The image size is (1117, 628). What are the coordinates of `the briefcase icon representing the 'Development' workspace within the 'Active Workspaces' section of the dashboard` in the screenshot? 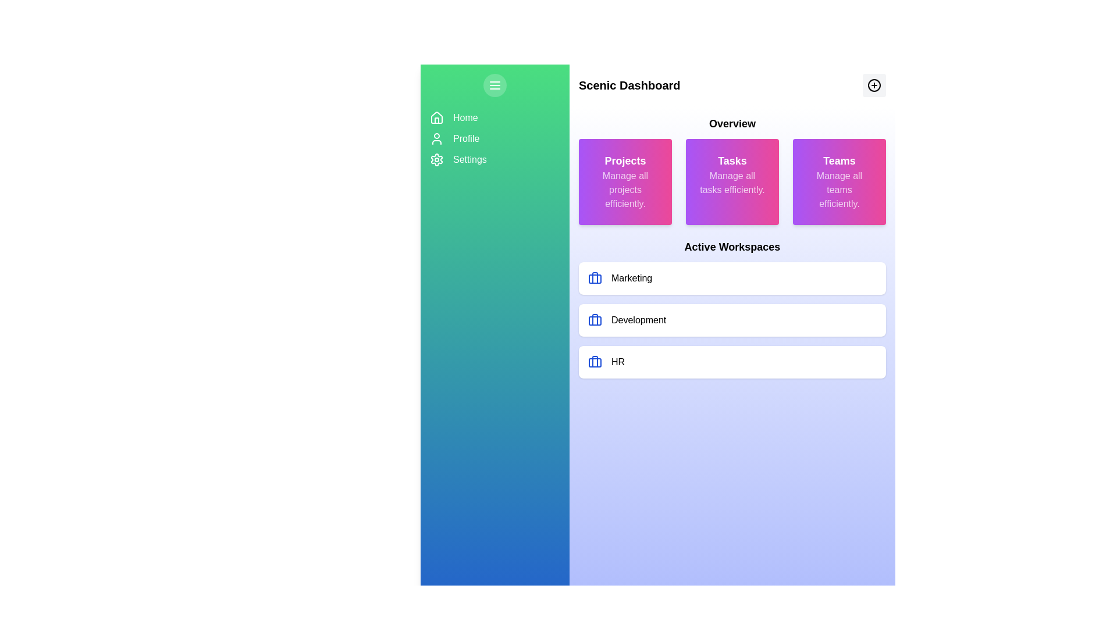 It's located at (595, 320).